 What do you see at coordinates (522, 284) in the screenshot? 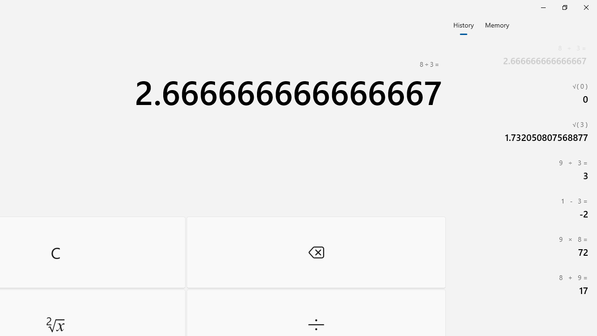
I see `'8 + 9= 17'` at bounding box center [522, 284].